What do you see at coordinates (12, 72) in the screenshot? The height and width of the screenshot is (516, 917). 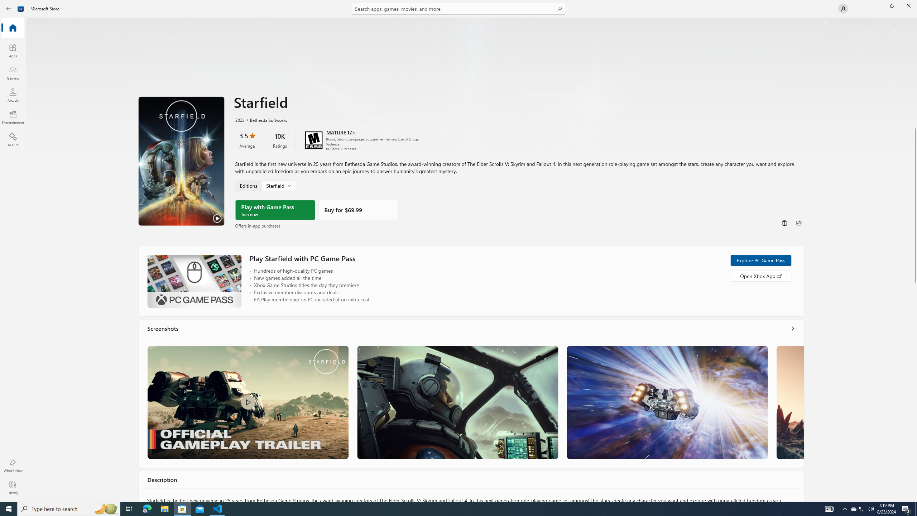 I see `'Gaming'` at bounding box center [12, 72].